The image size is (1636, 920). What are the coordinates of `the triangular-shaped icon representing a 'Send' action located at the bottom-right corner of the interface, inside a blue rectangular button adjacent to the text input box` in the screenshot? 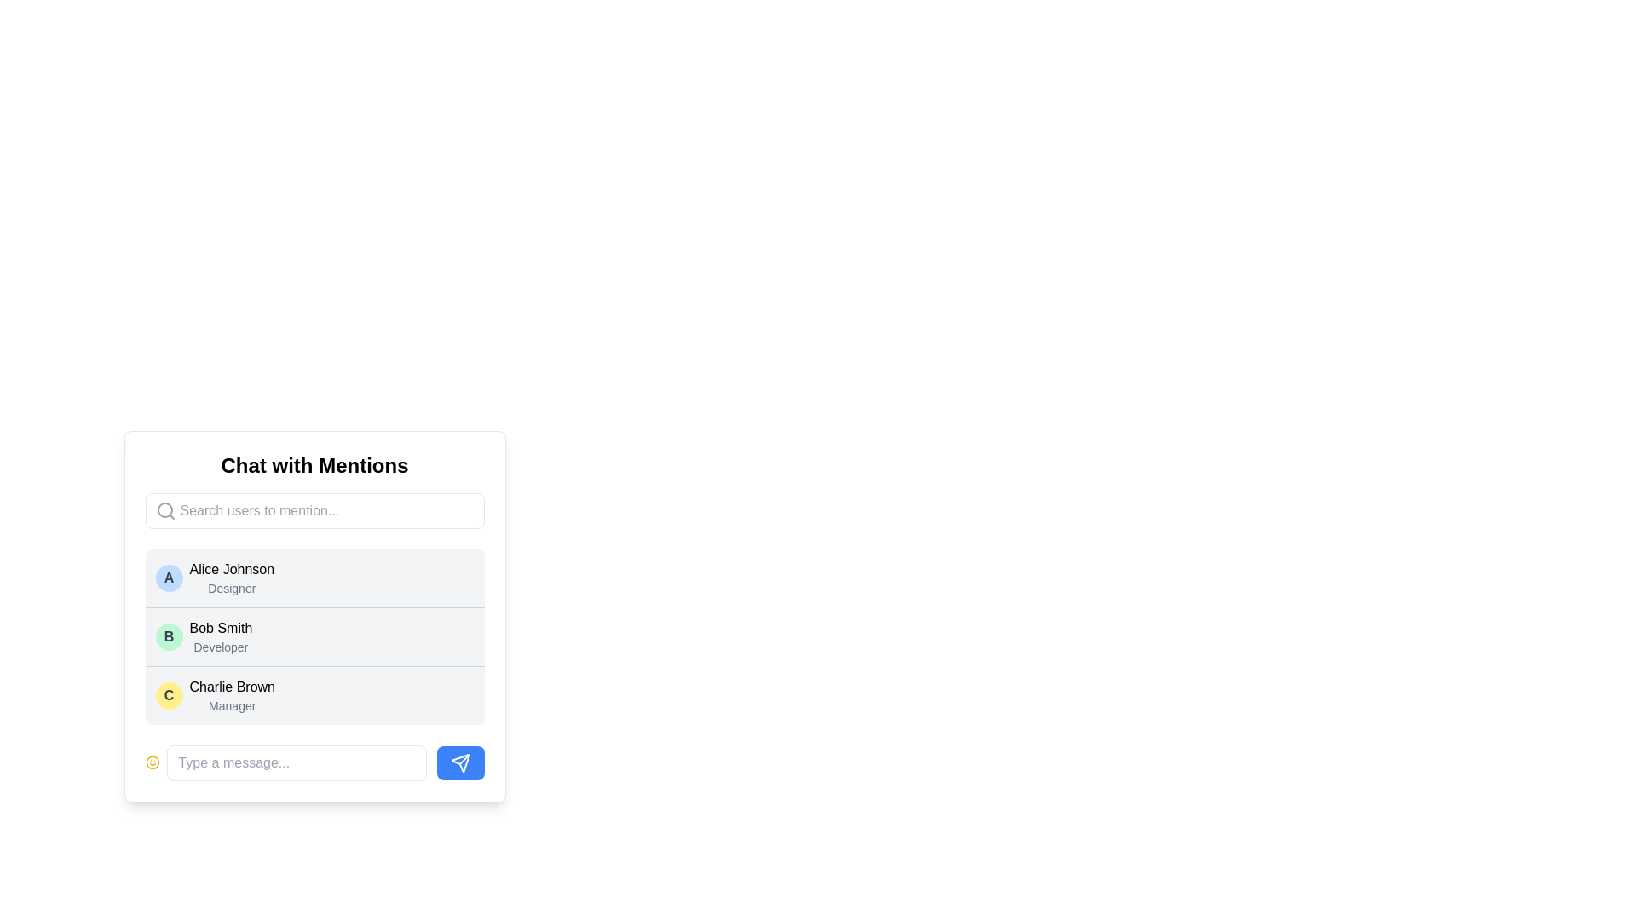 It's located at (460, 762).